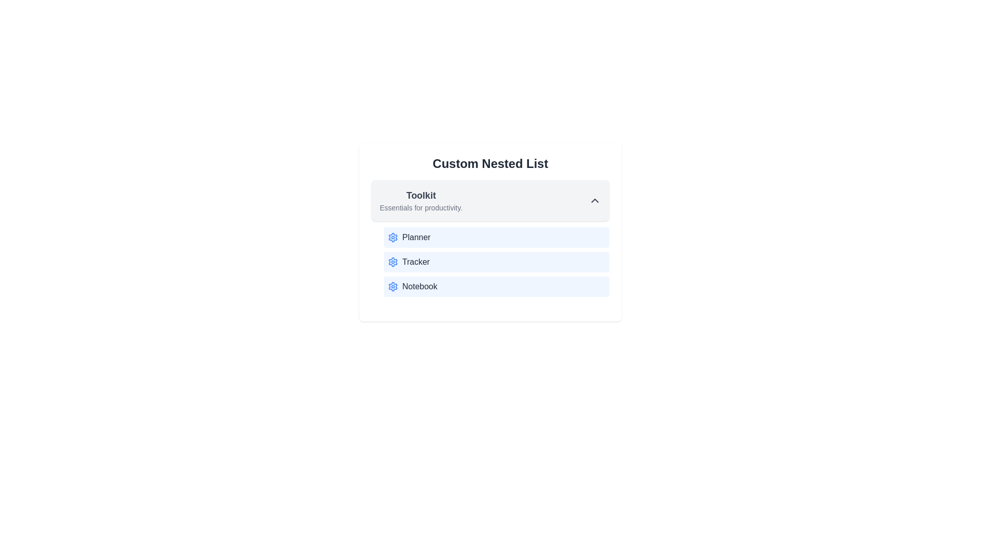 This screenshot has height=553, width=984. Describe the element at coordinates (497, 237) in the screenshot. I see `the list item Planner` at that location.